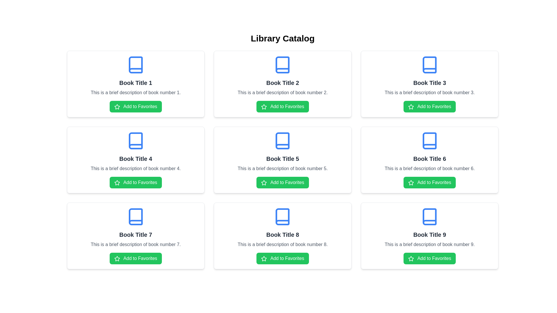  I want to click on the Text Label displaying 'Book Title 6', which is centrally located in the card layout above the description text and below the icon, so click(430, 159).